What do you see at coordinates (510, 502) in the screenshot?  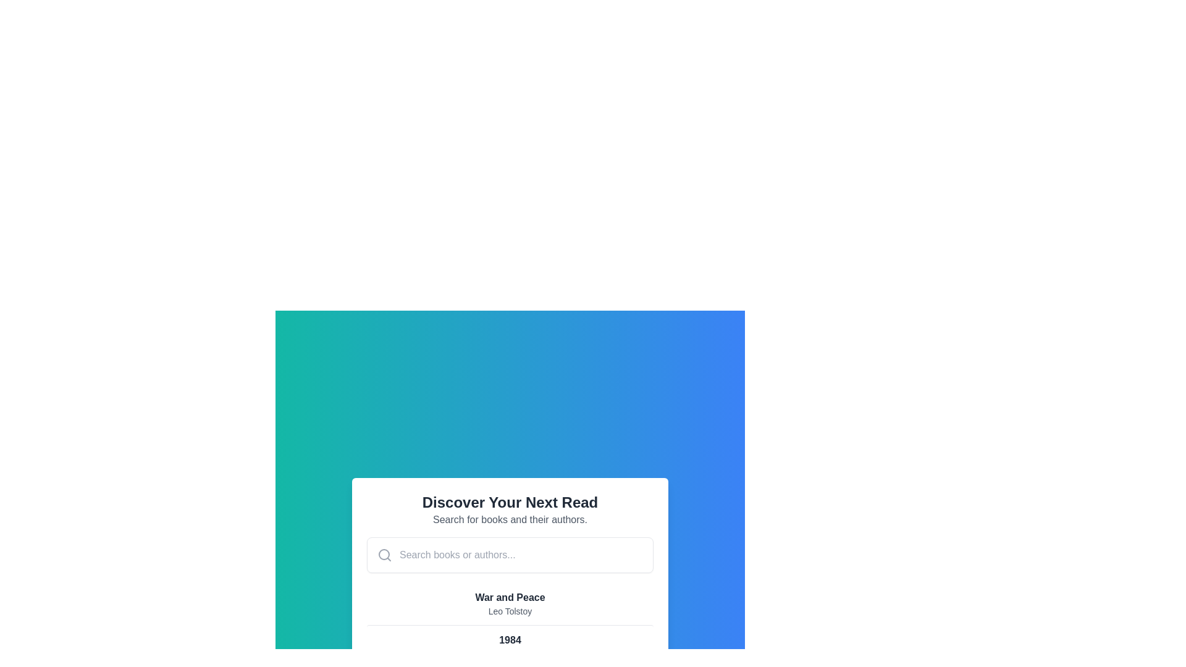 I see `the header text element that introduces the purpose of the interface, which is likely book-related, located at the center of the top of the white panel` at bounding box center [510, 502].